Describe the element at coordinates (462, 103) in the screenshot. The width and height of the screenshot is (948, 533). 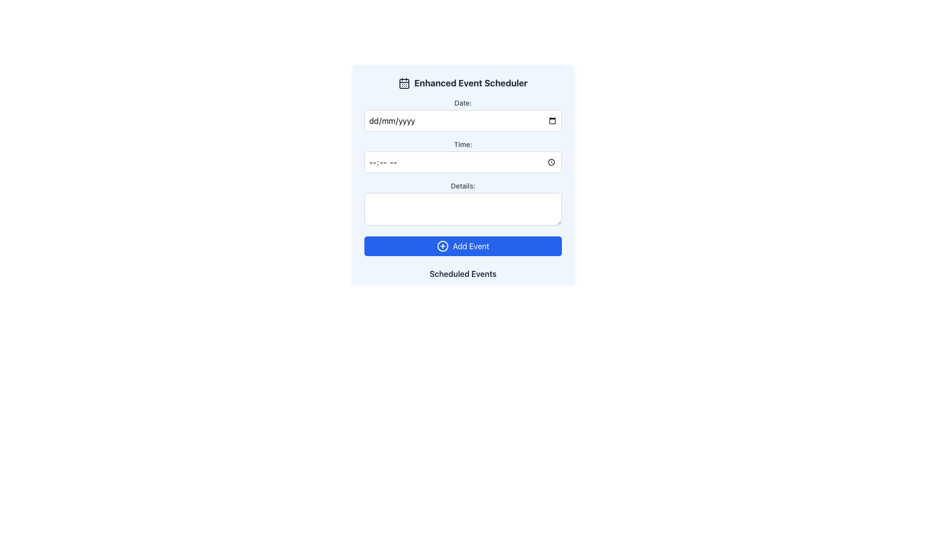
I see `the text label indicating the date input field, which is located in the upper section of the form interface` at that location.